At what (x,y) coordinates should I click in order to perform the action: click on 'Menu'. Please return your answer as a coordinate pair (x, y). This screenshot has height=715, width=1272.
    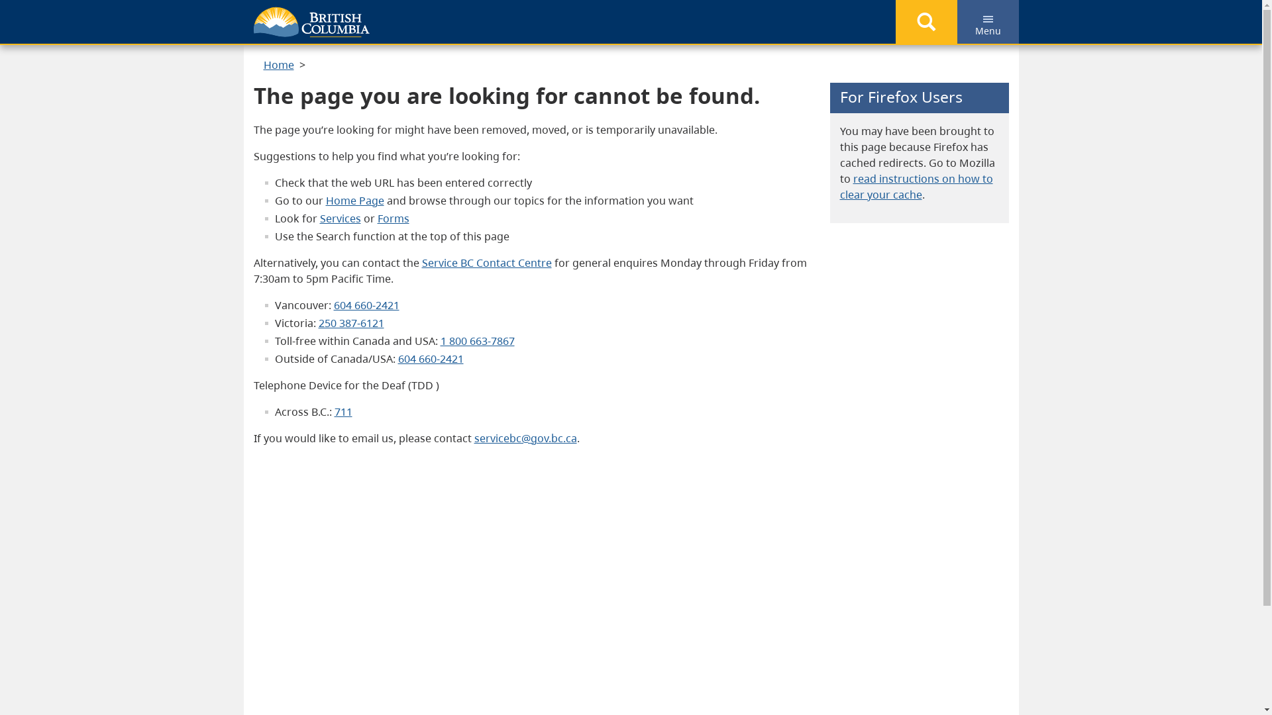
    Looking at the image, I should click on (987, 22).